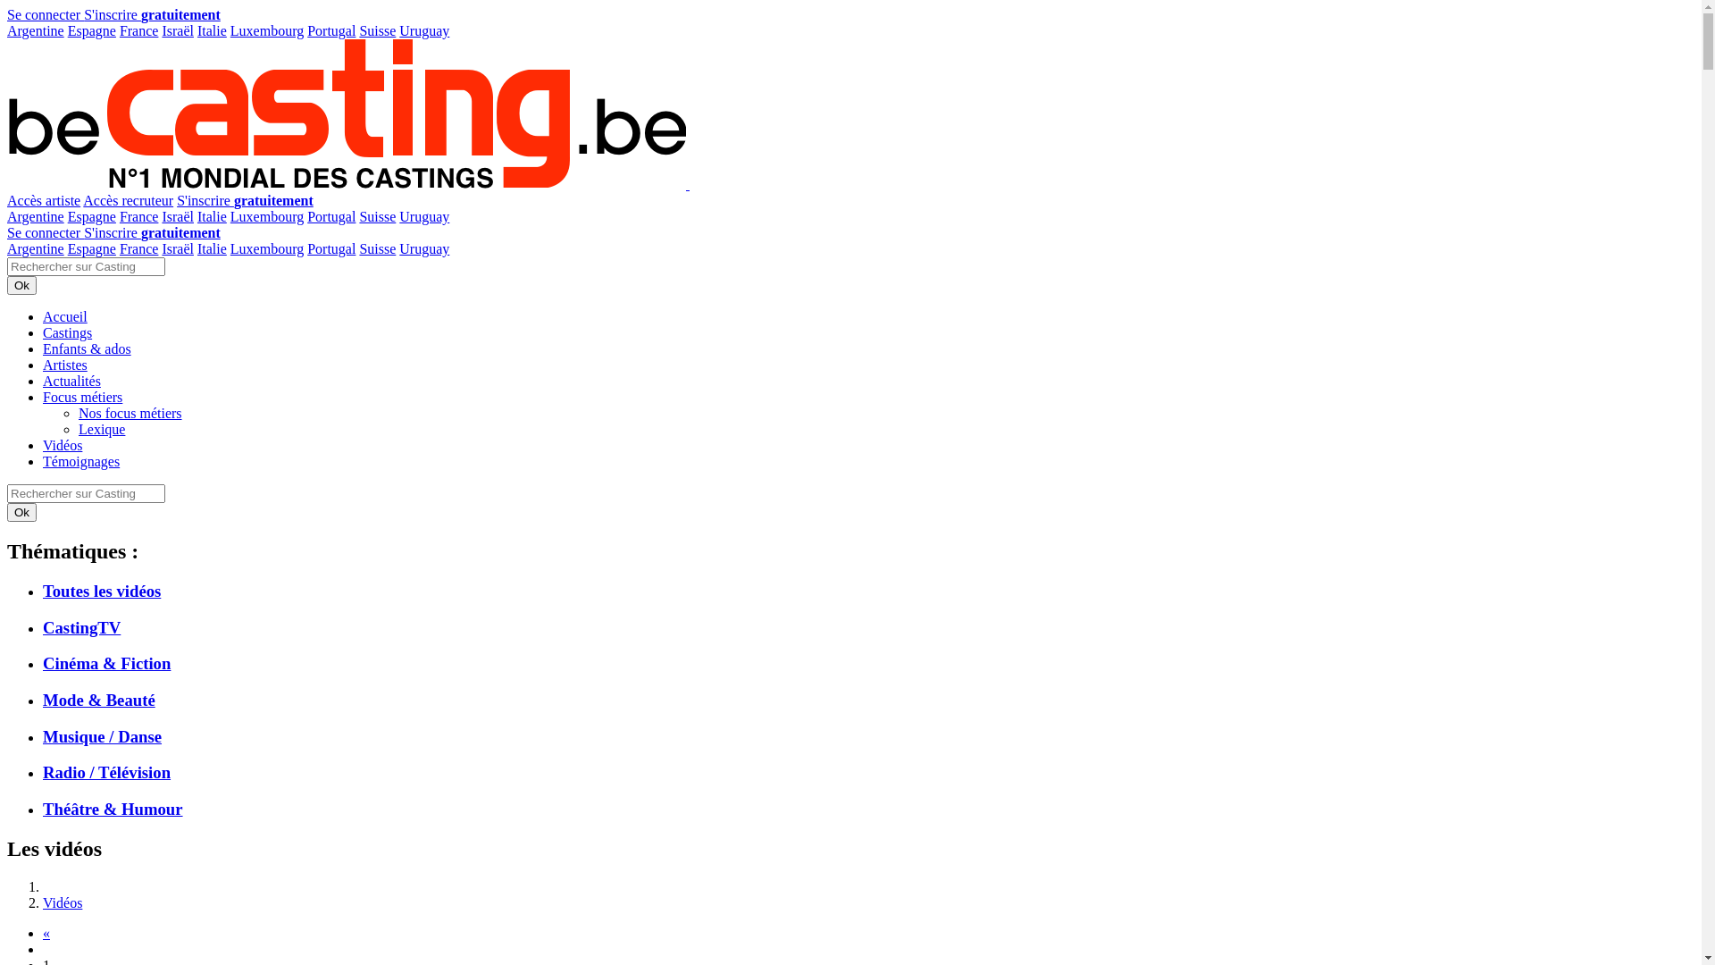  I want to click on 'Uruguay', so click(423, 30).